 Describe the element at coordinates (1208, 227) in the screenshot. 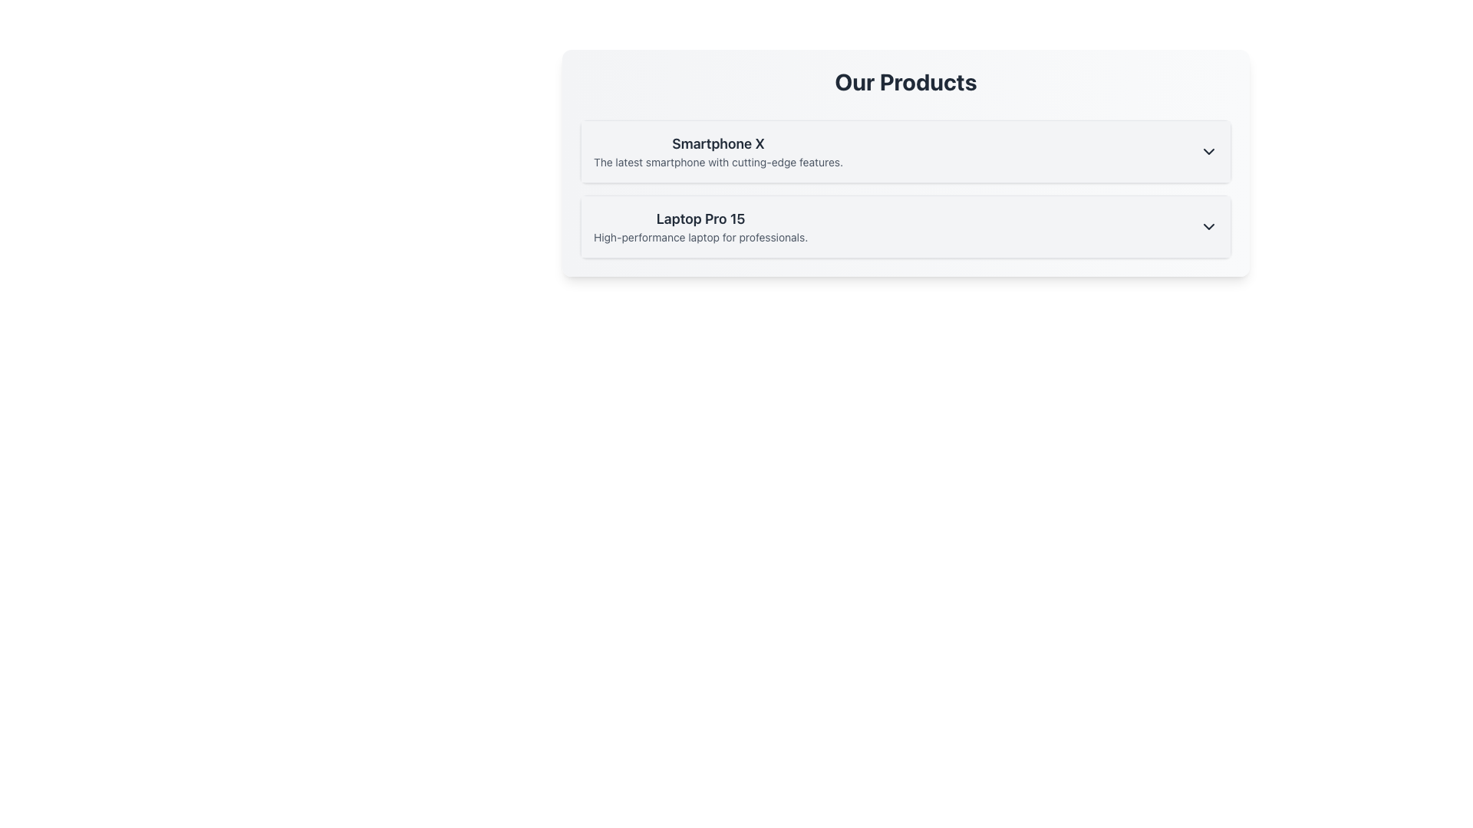

I see `the dropdown toggle icon located in the top-right corner of the 'Laptop Pro 15' card` at that location.